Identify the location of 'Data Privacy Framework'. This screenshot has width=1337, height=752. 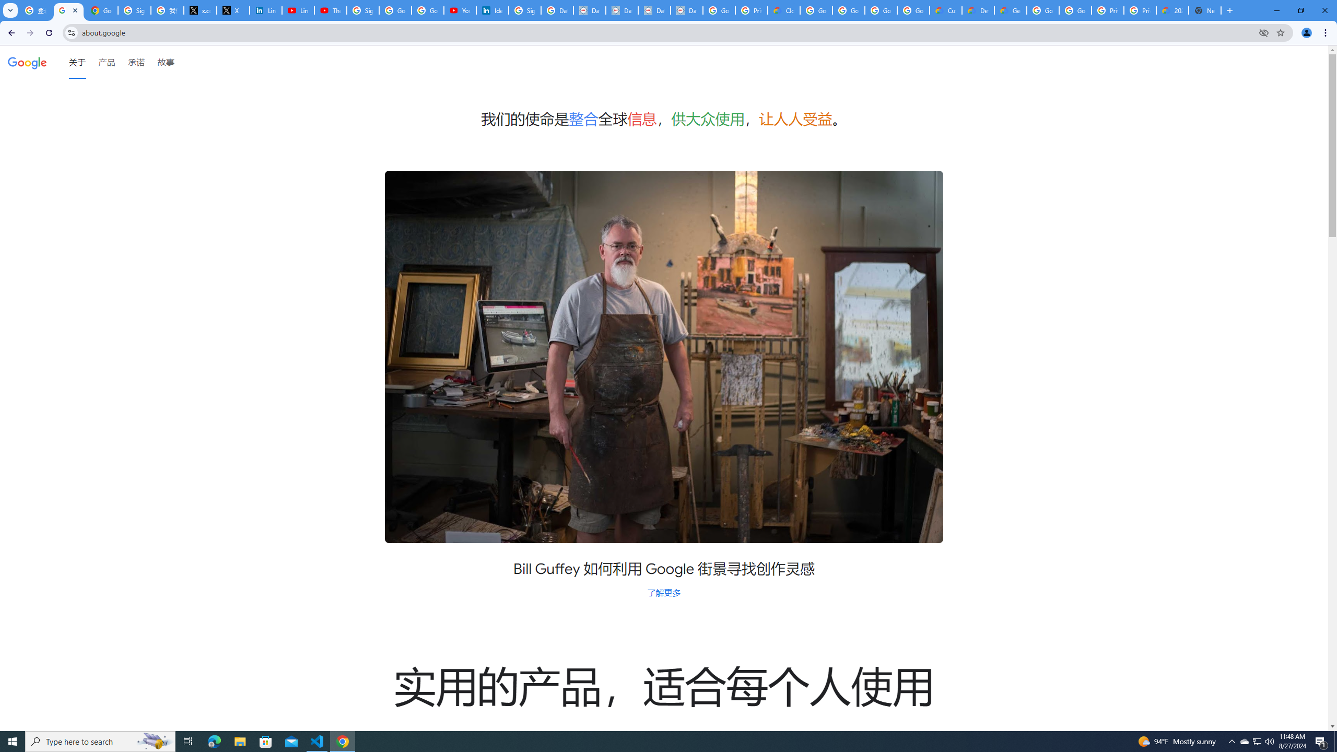
(589, 10).